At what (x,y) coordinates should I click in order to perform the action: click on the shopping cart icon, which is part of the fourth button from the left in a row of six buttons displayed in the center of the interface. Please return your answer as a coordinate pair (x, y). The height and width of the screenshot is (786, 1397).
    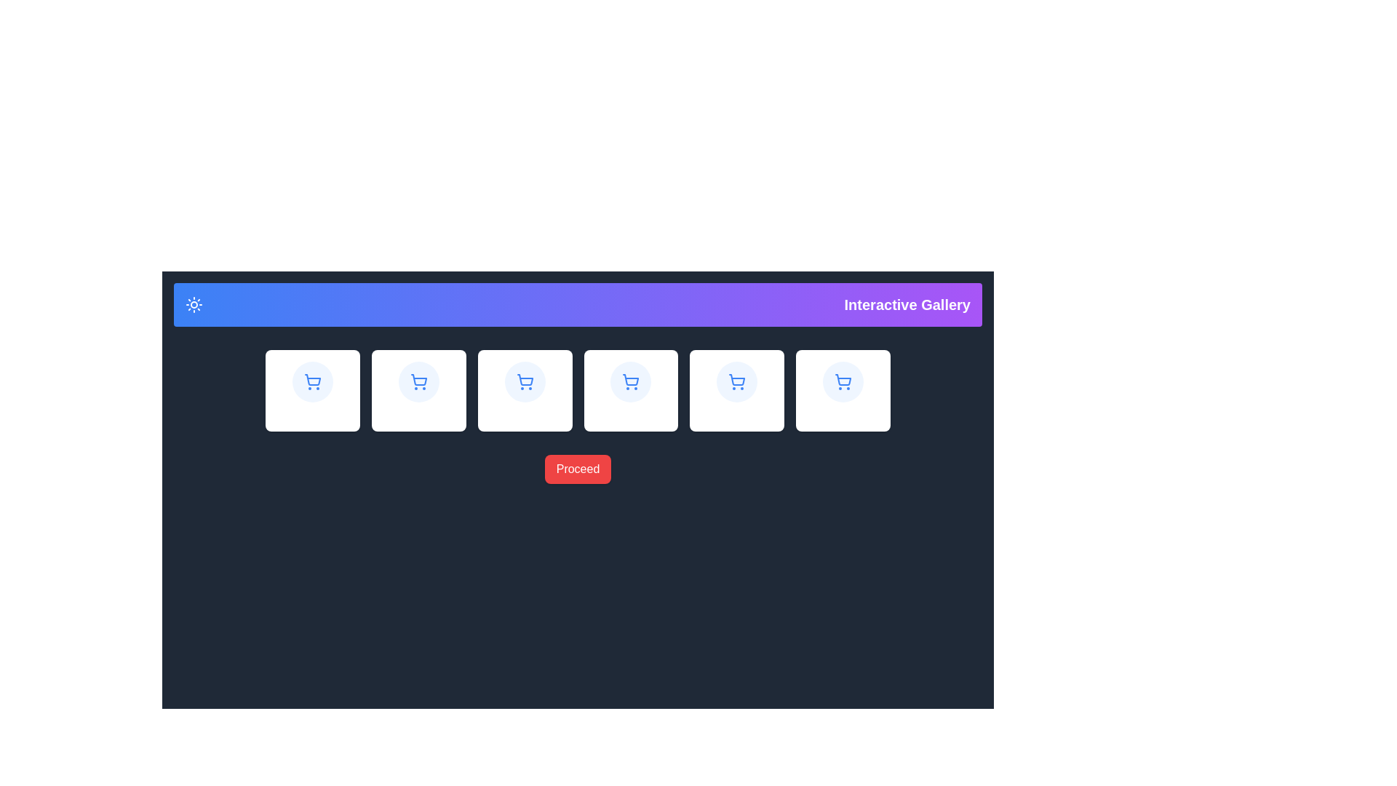
    Looking at the image, I should click on (631, 379).